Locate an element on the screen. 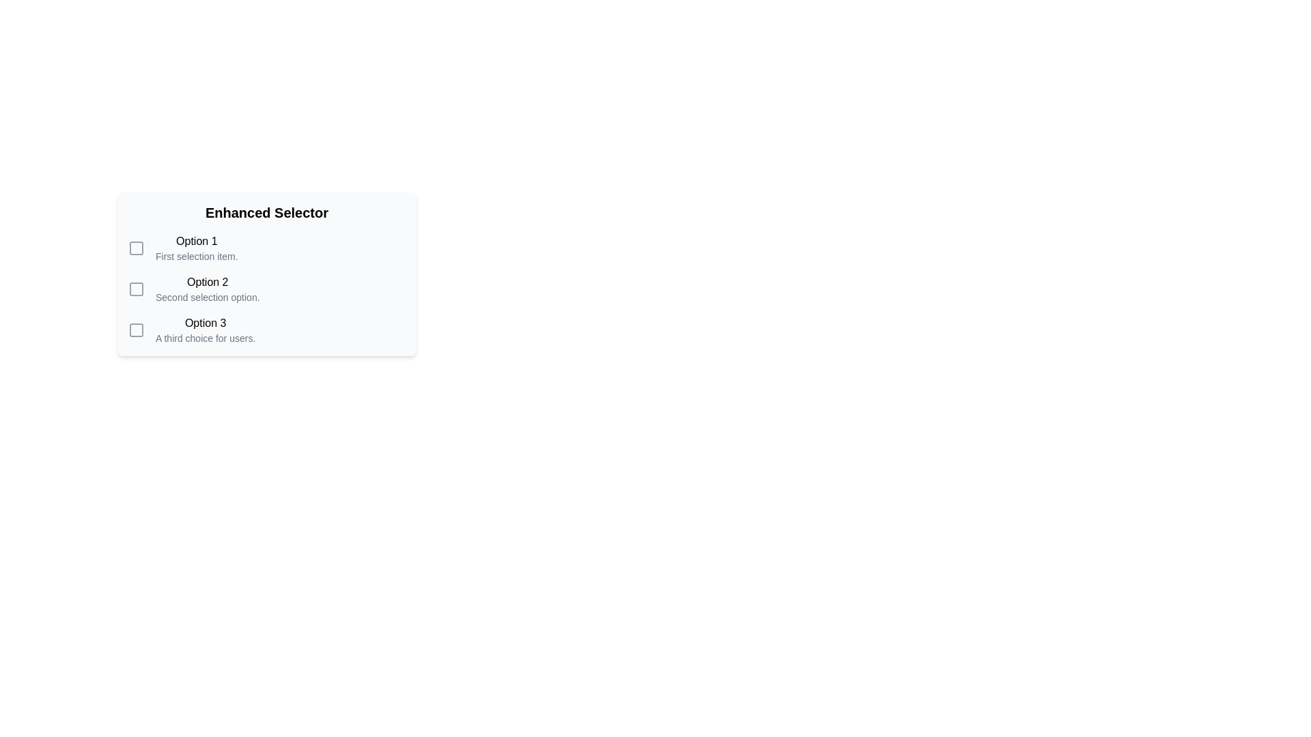  the text label with a description that is the second option in a vertical list of selectable items, located directly below 'Option 1' and above 'Option 3.' is located at coordinates (207, 289).